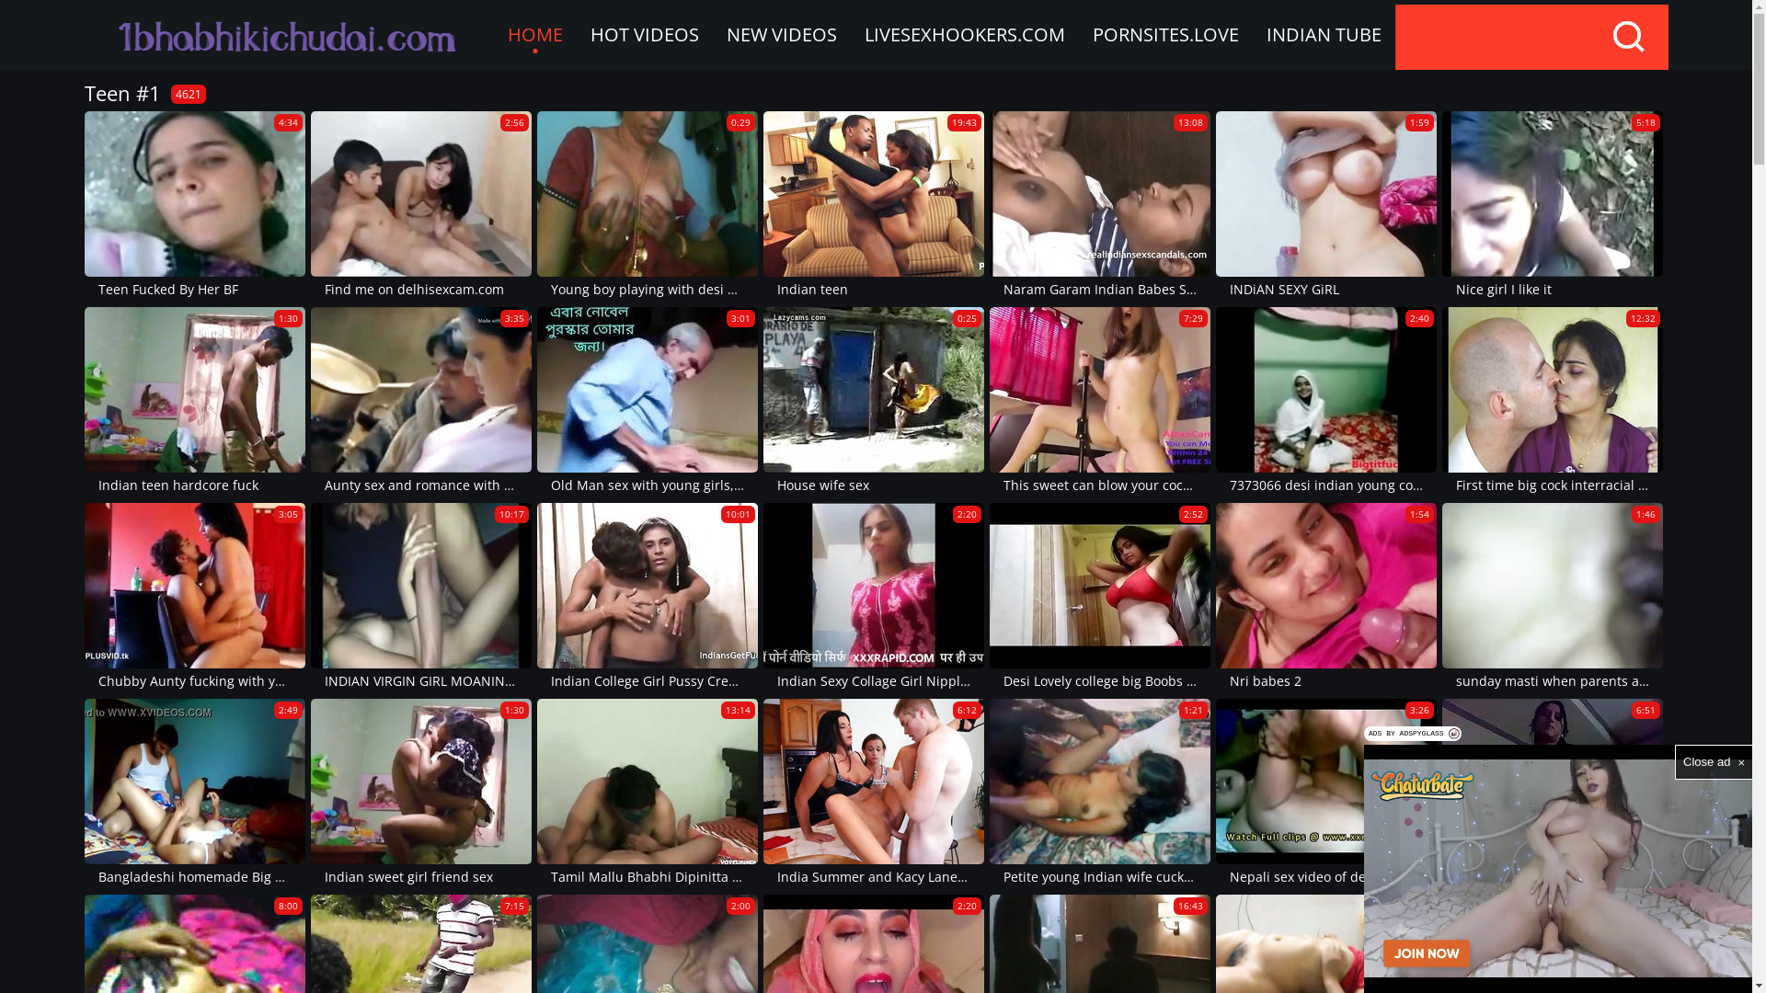 The height and width of the screenshot is (993, 1766). I want to click on '12:32, so click(1552, 401).